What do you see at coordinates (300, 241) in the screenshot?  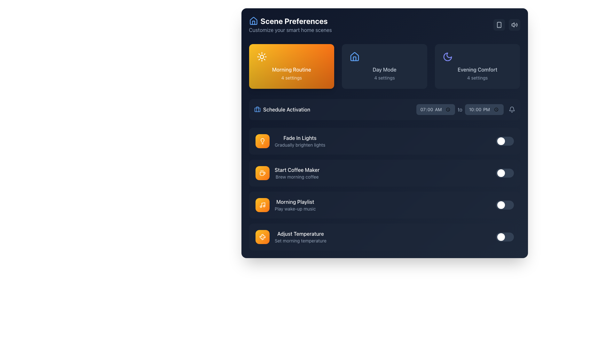 I see `static text label displaying 'Set morning temperature', which is located below the bold label 'Adjust Temperature' in the list of smart scene operations` at bounding box center [300, 241].